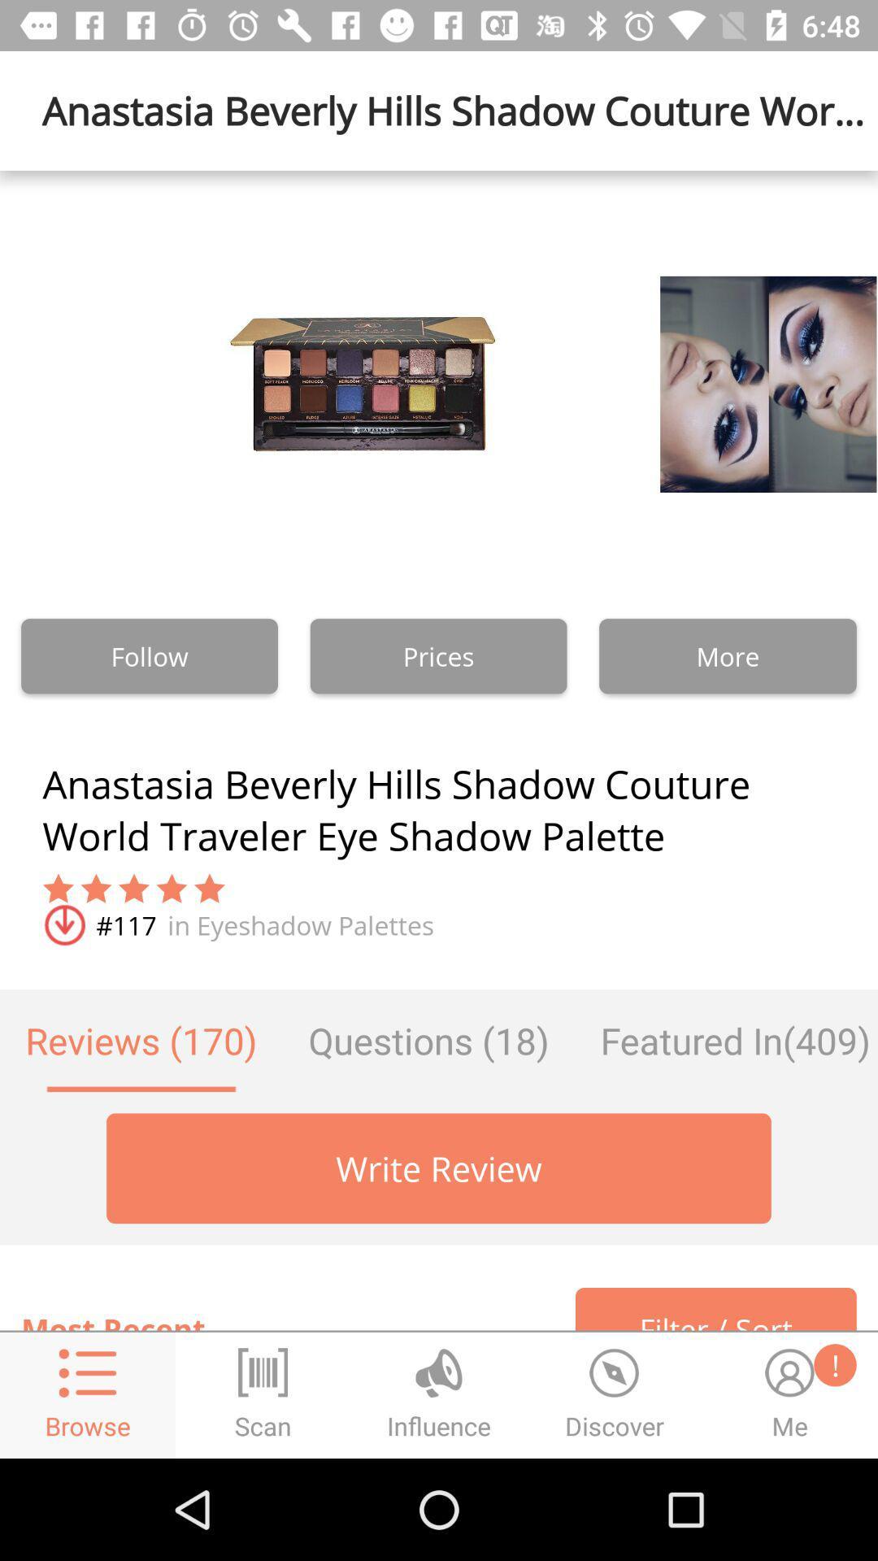 Image resolution: width=878 pixels, height=1561 pixels. Describe the element at coordinates (263, 1395) in the screenshot. I see `the scan image option` at that location.